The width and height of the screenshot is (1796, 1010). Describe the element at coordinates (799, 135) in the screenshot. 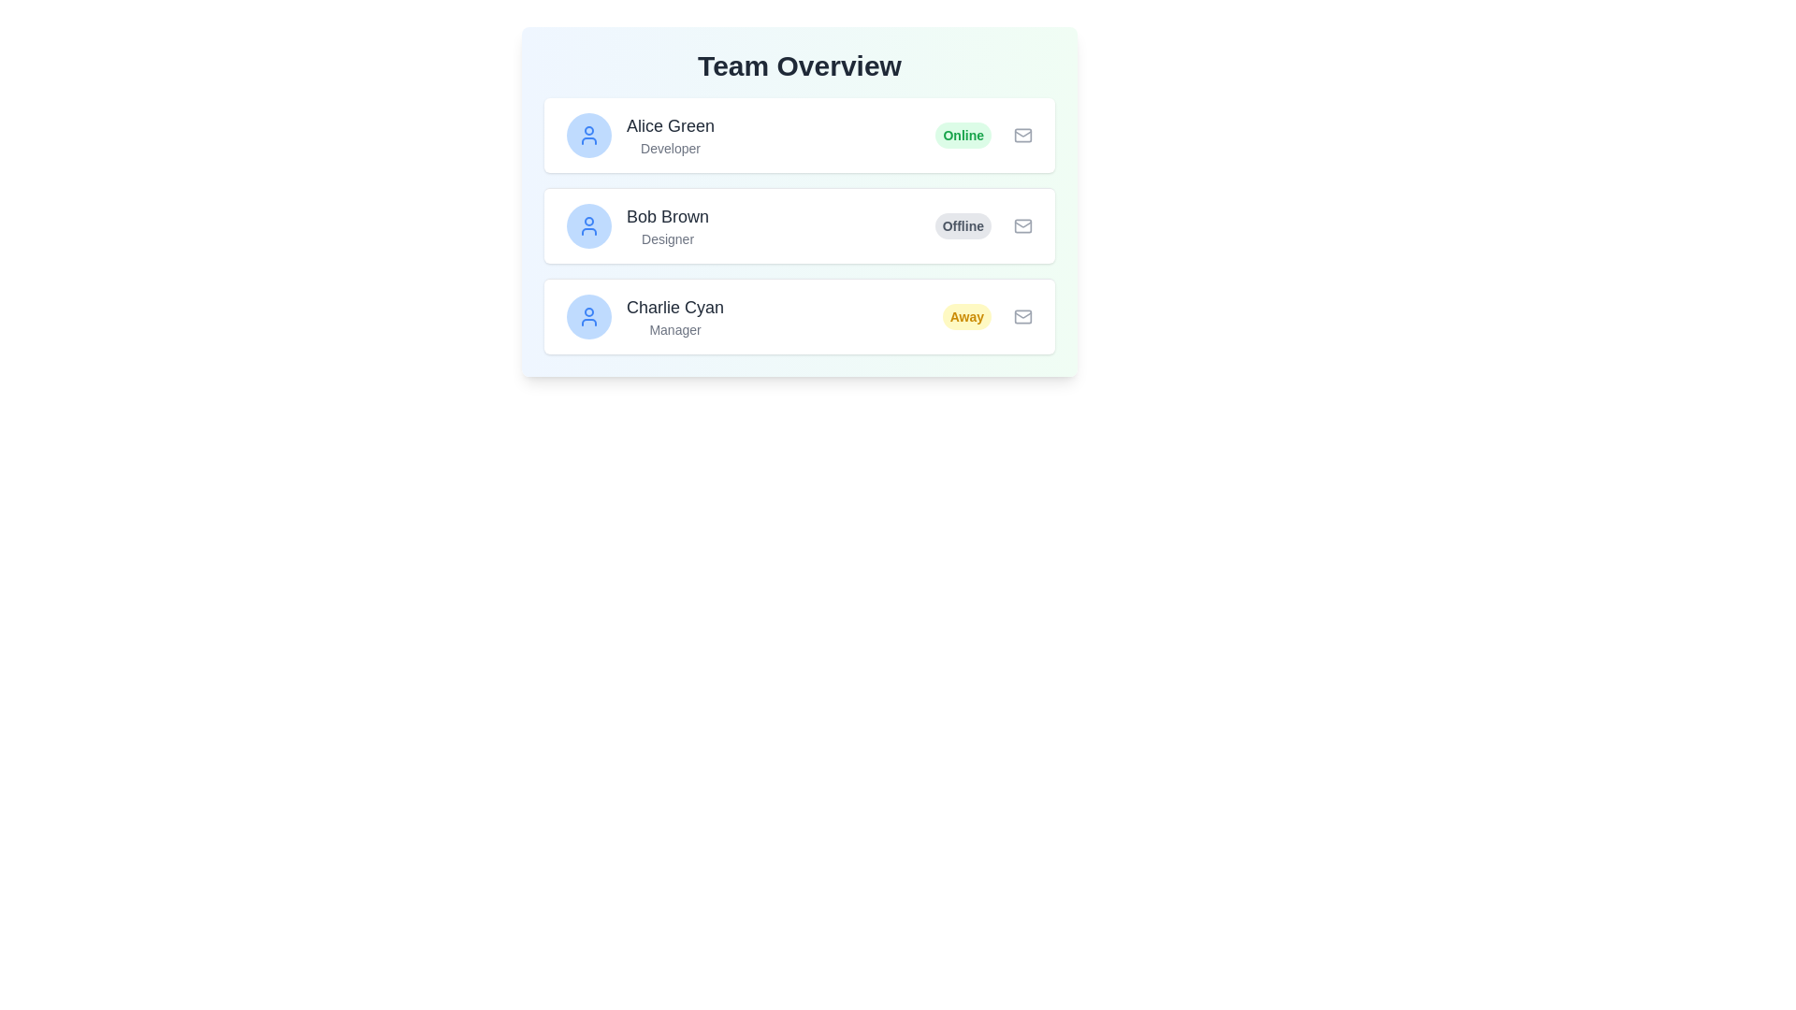

I see `the green status indicator labeled 'Online' in the List item card for 'Alice Green' to change the status` at that location.